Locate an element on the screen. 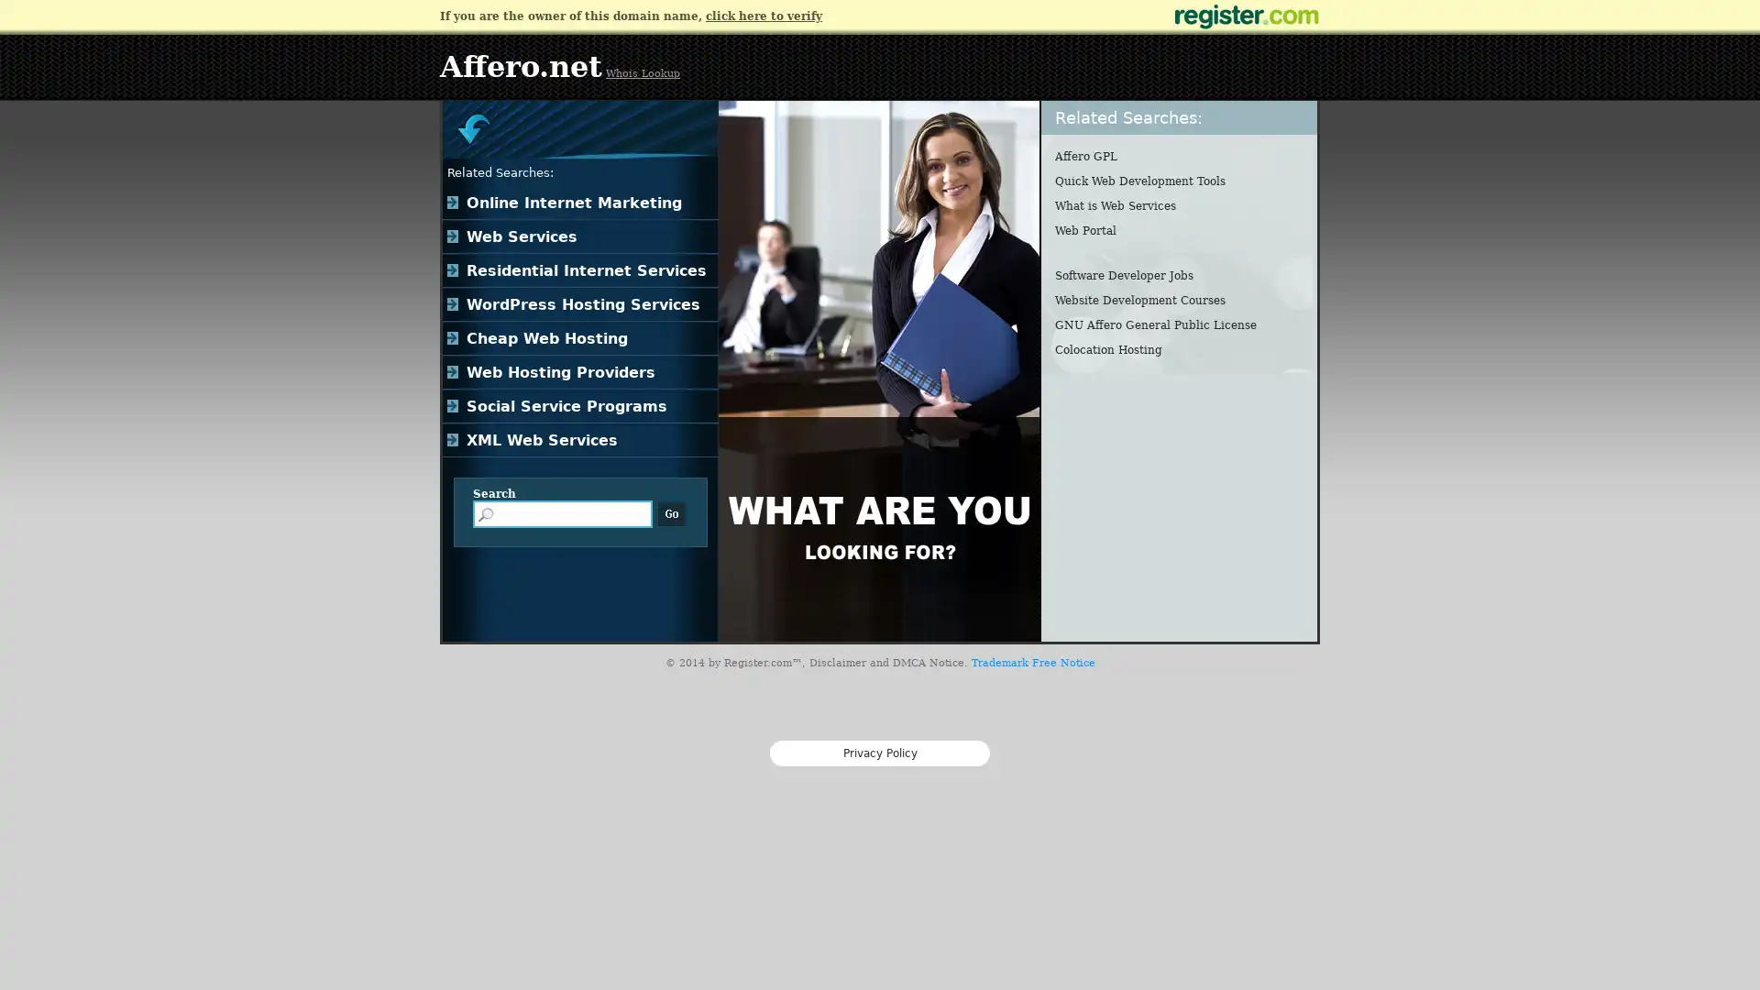 Image resolution: width=1760 pixels, height=990 pixels. Go is located at coordinates (671, 513).